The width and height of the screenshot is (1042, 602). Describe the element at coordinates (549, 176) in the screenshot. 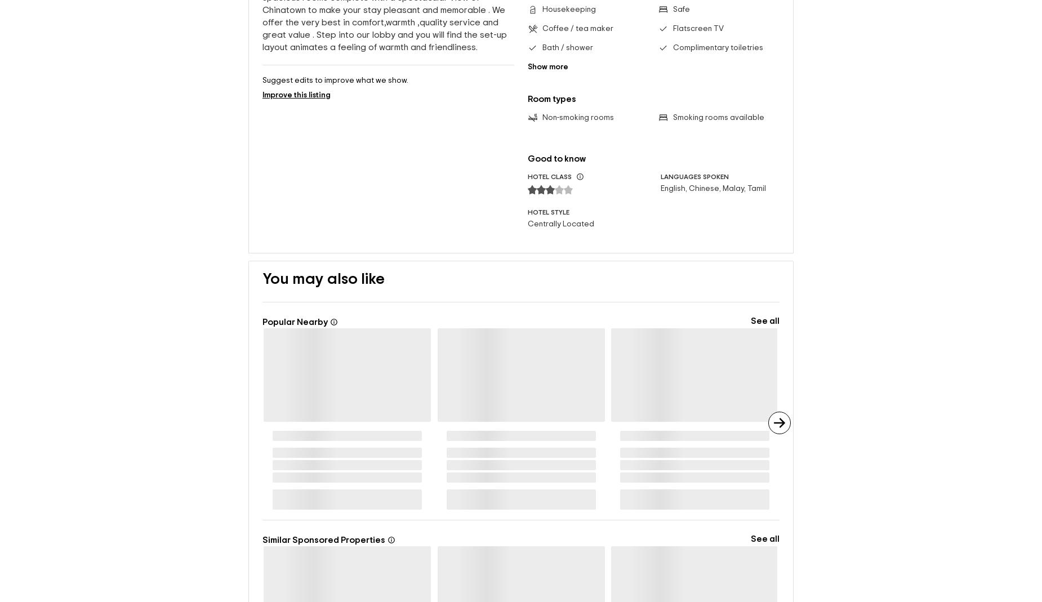

I see `'HOTEL CLASS'` at that location.